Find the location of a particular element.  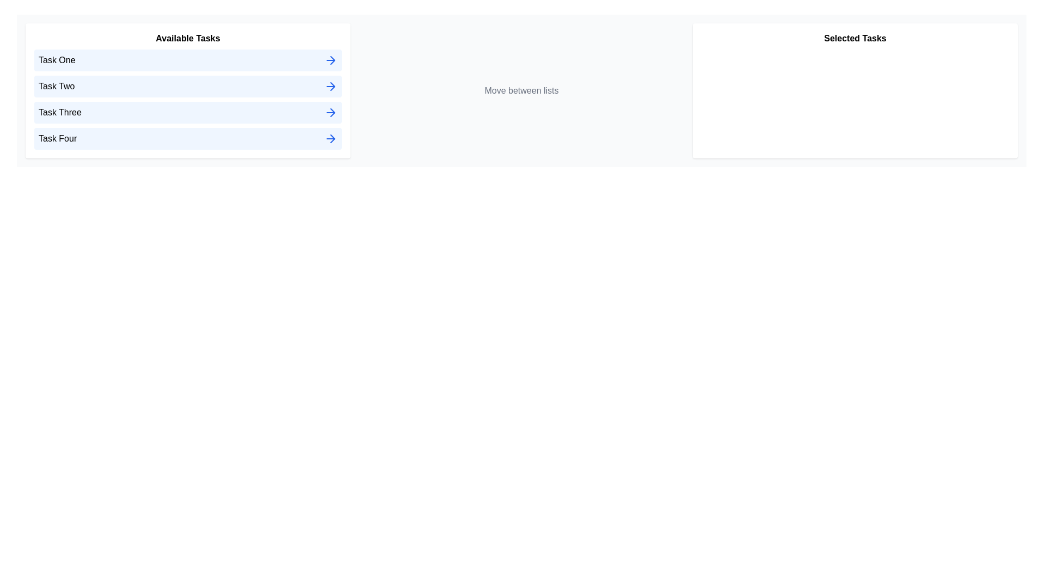

the center panel to read the instructions is located at coordinates (521, 90).